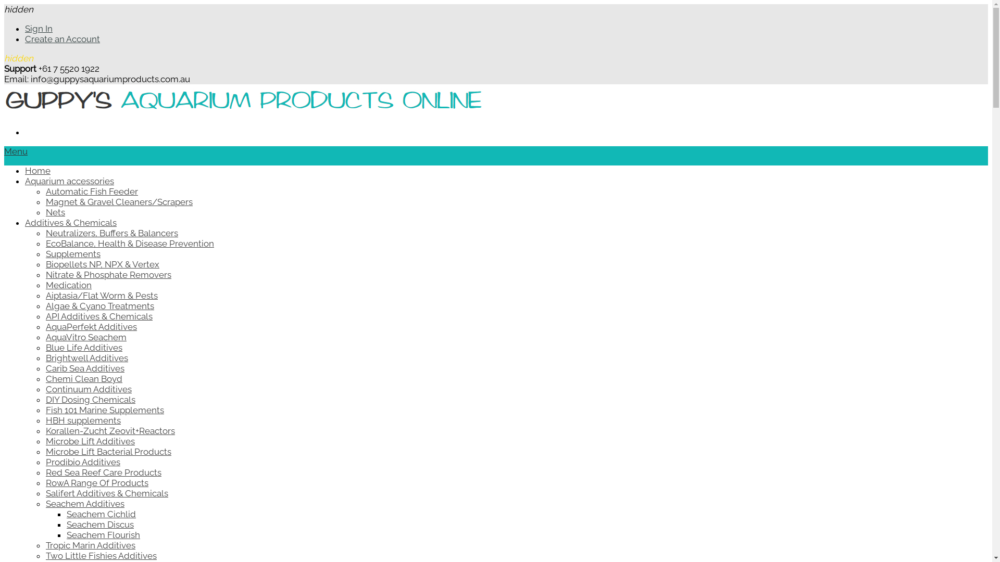  Describe the element at coordinates (37, 170) in the screenshot. I see `'Home'` at that location.